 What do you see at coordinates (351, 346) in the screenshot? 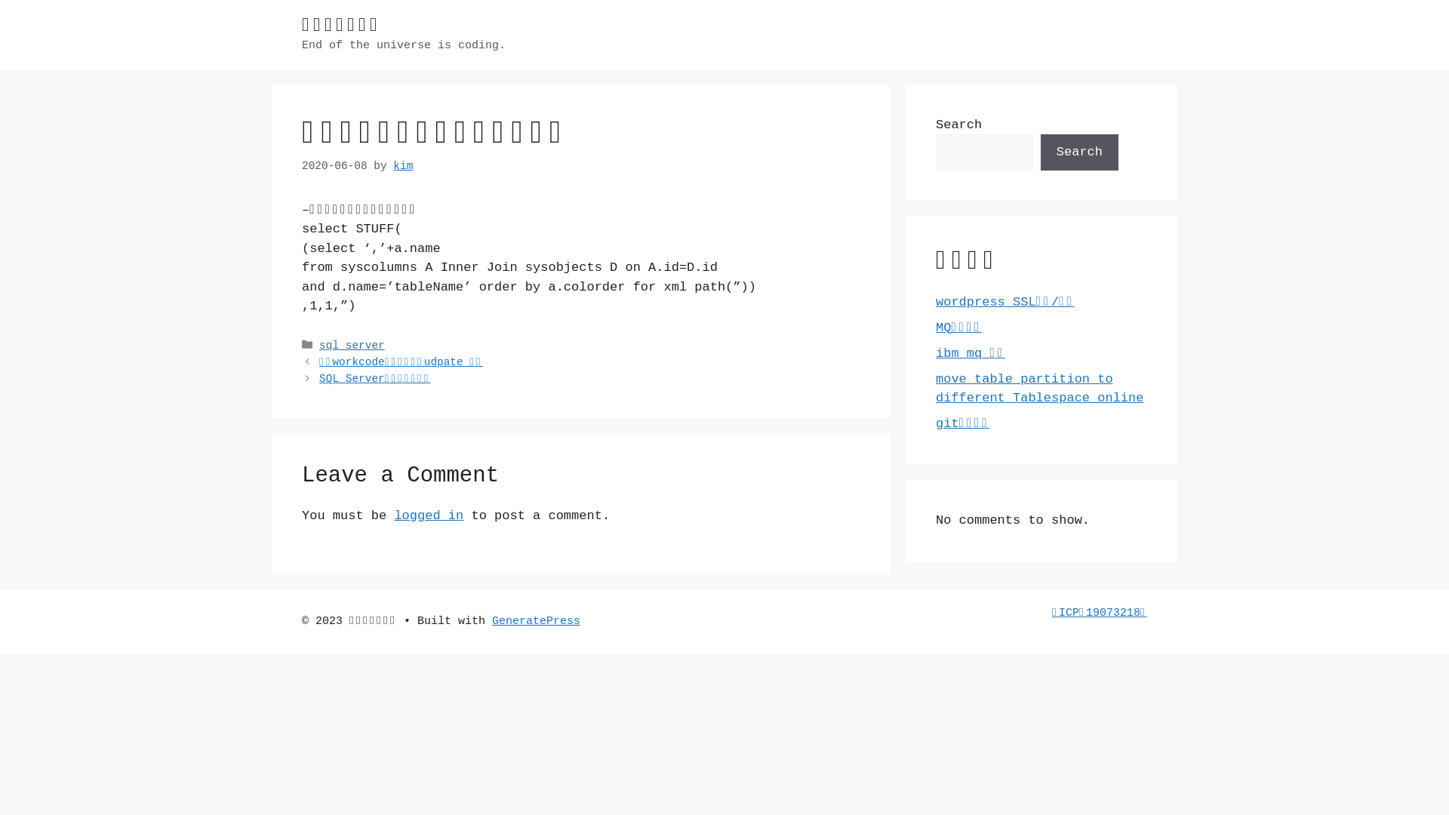
I see `'sql server'` at bounding box center [351, 346].